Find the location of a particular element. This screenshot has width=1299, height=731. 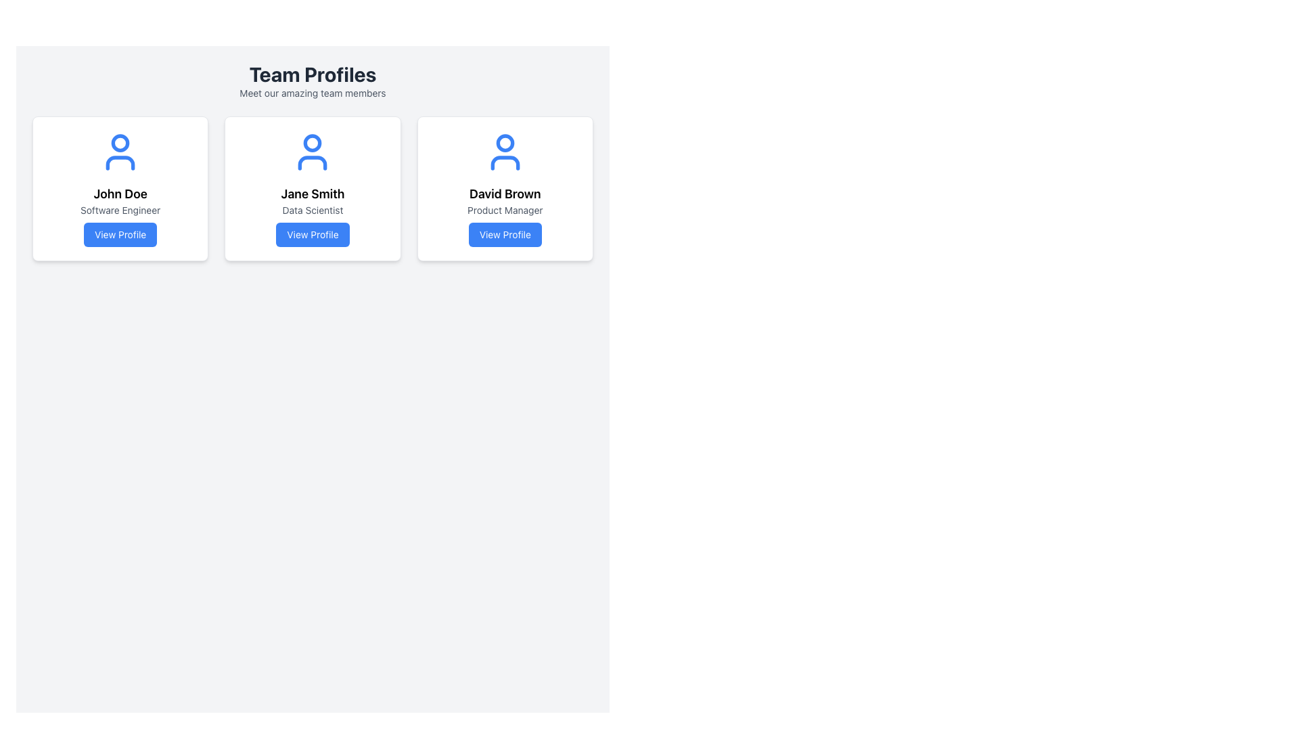

the 'View Profile' button with a blue background and white text located beneath the name 'John Doe Software Engineer' in the first profile card is located at coordinates (120, 234).